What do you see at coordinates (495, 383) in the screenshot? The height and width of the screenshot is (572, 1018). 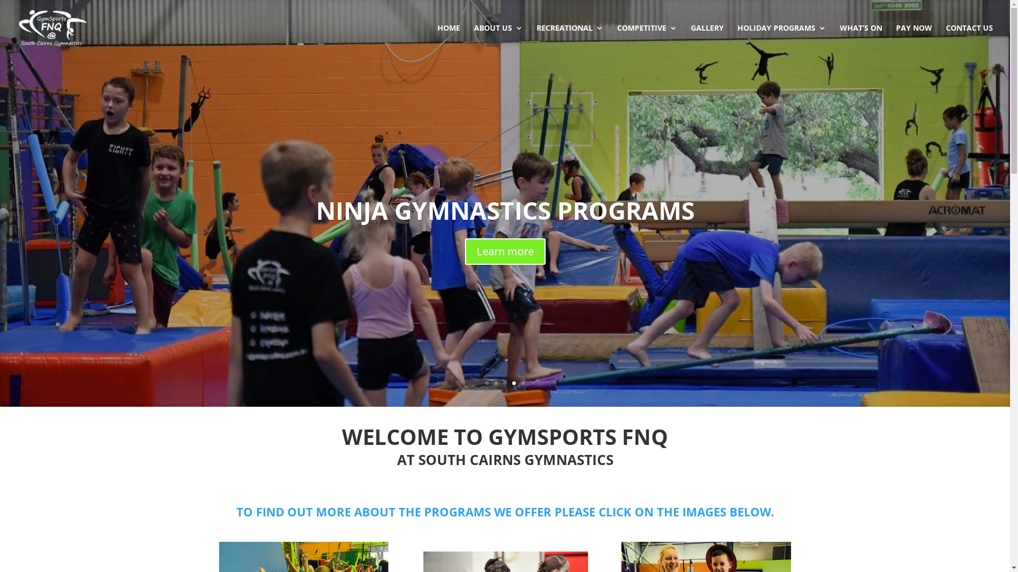 I see `'2'` at bounding box center [495, 383].